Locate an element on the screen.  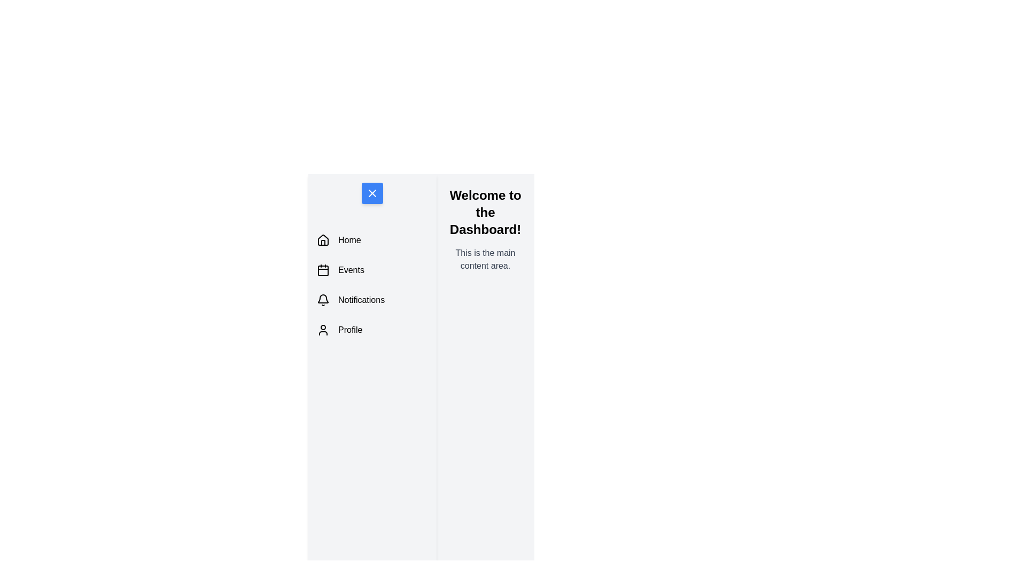
the close or cancel button located within the blue circular button at the top of the sidebar menu is located at coordinates (372, 193).